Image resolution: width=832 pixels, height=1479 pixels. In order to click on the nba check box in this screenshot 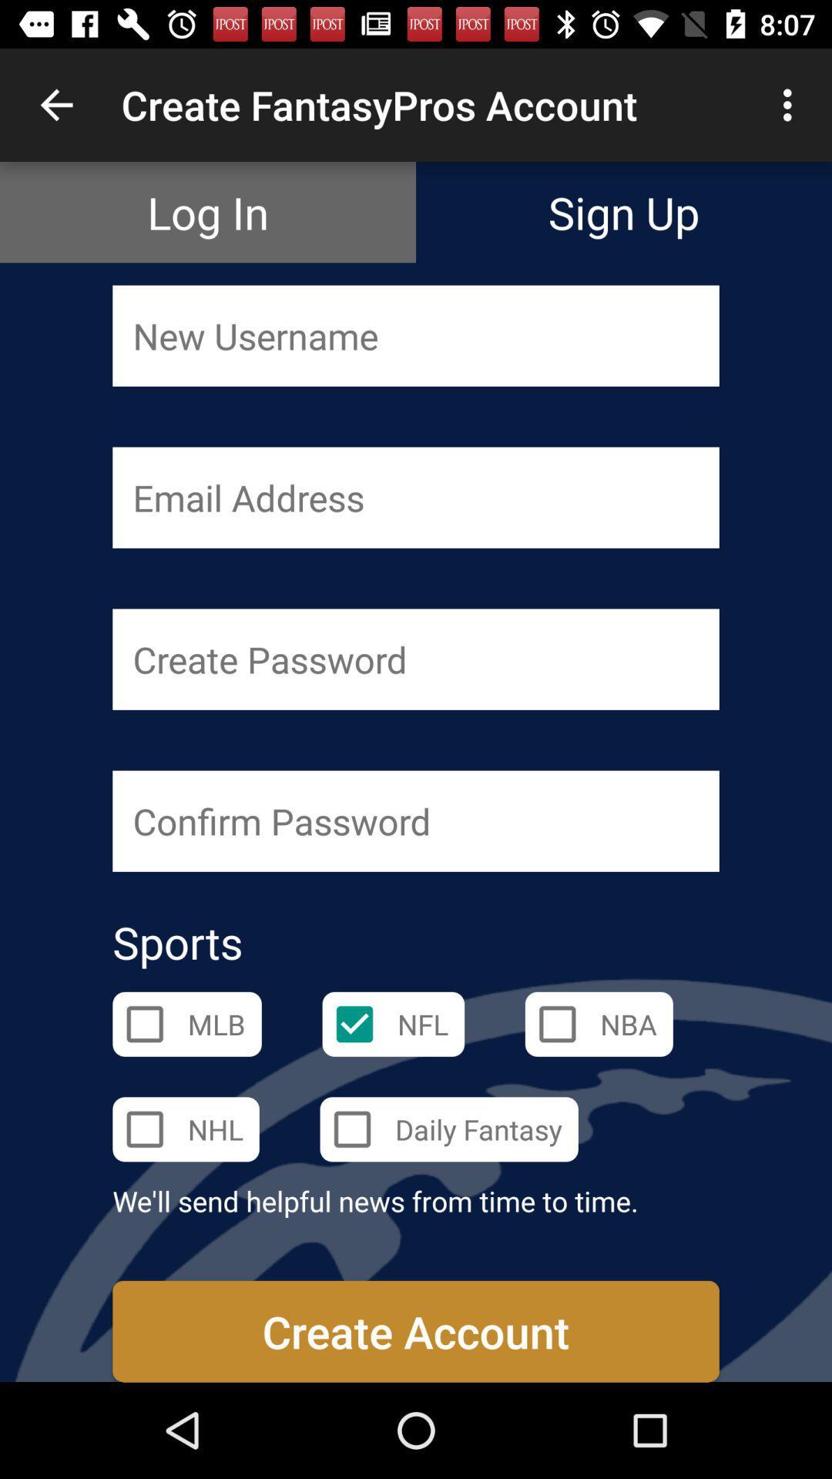, I will do `click(558, 1024)`.